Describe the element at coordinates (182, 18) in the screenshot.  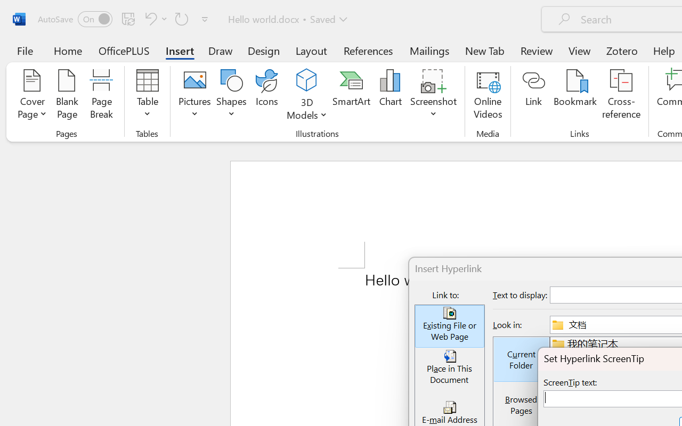
I see `'Can'` at that location.